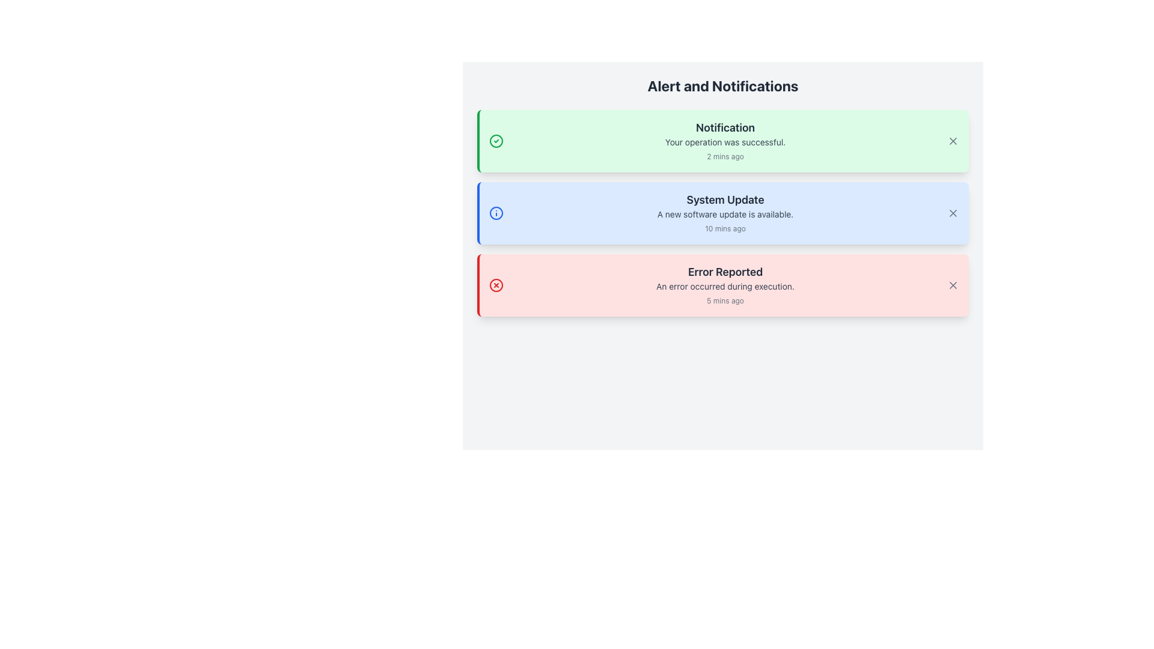  Describe the element at coordinates (496, 141) in the screenshot. I see `the circular outline icon with a green stroke, which is located within the green-highlighted notification box and is the first icon in the list of notifications` at that location.